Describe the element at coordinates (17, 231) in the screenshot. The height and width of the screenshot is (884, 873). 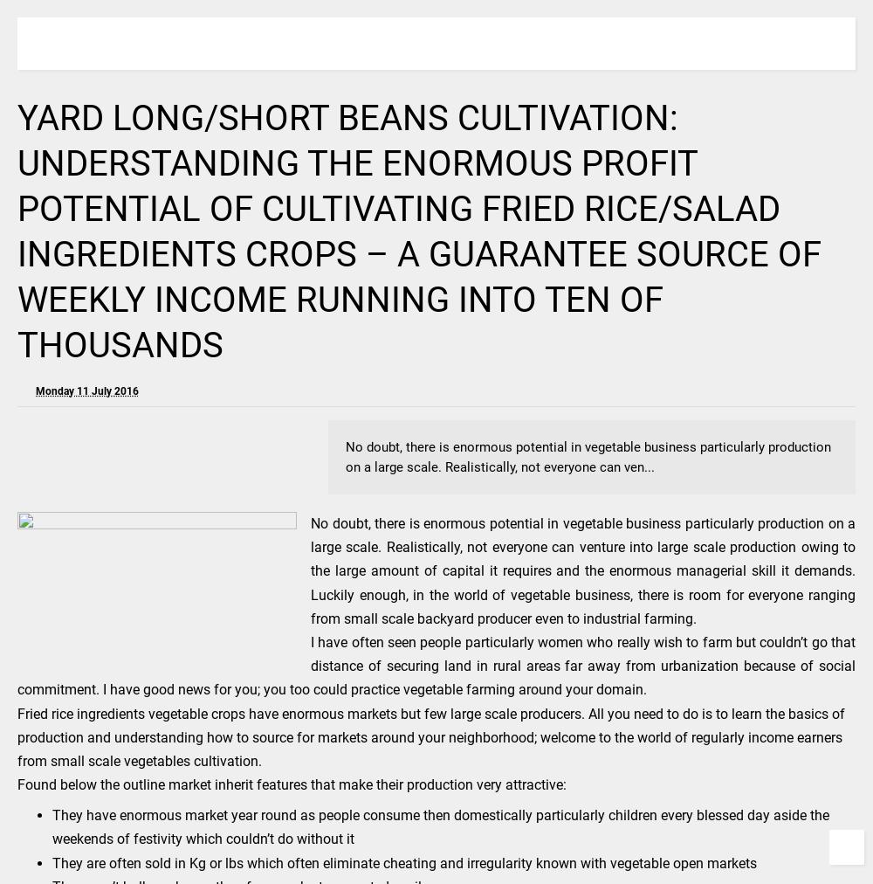
I see `'YARD LONG/SHORT BEANS CULTIVATION: UNDERSTANDING THE ENORMOUS PROFIT POTENTIAL OF CULTIVATING FRIED RICE/SALAD INGREDIENTS CROPS – A GUARANTEE SOURCE OF WEEKLY INCOME RUNNING INTO TEN OF THOUSANDS'` at that location.